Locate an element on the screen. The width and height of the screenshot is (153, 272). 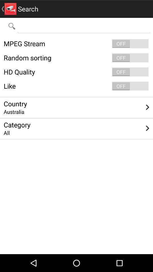
like is located at coordinates (76, 86).